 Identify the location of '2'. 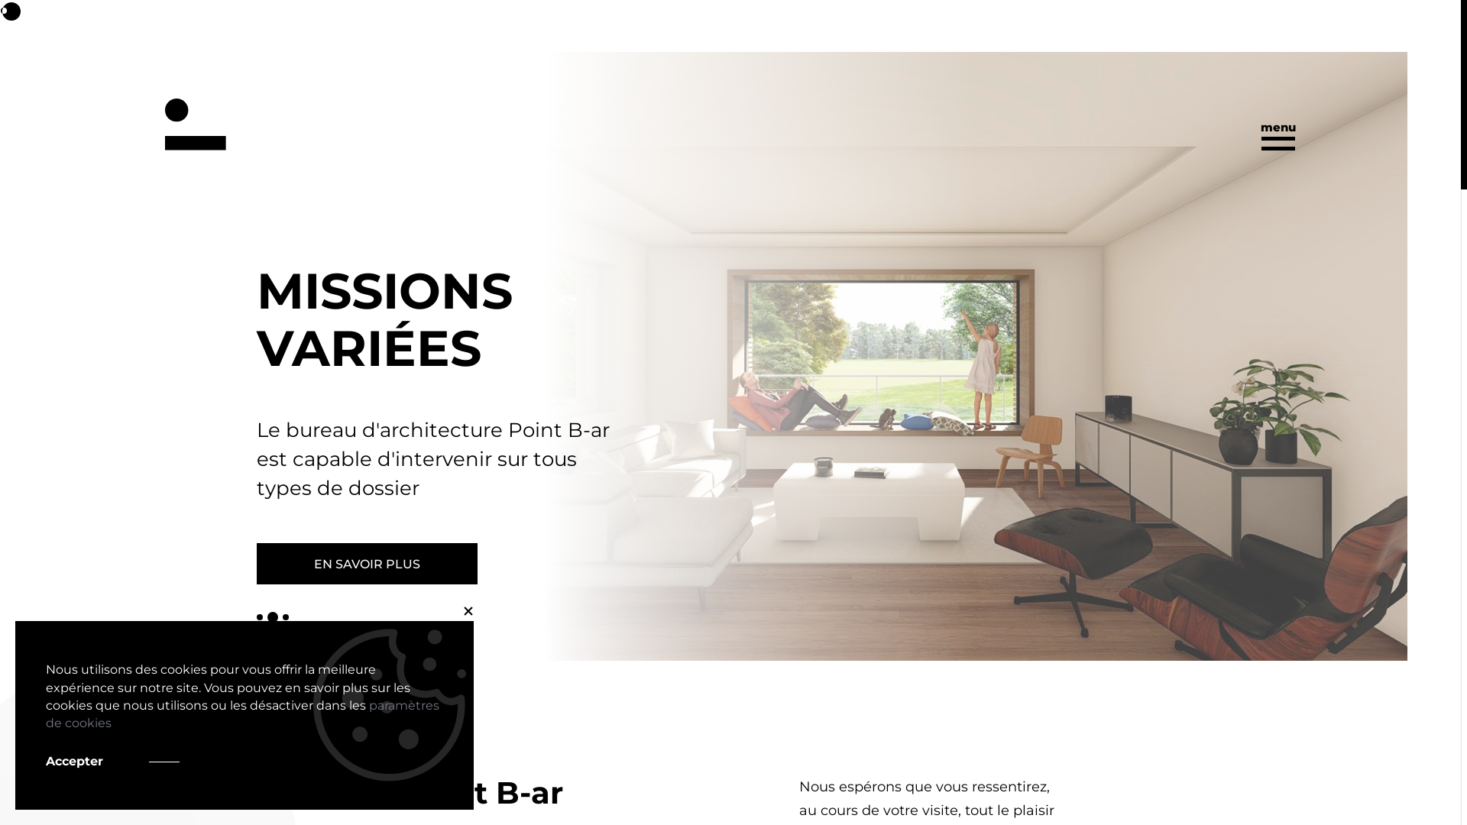
(267, 616).